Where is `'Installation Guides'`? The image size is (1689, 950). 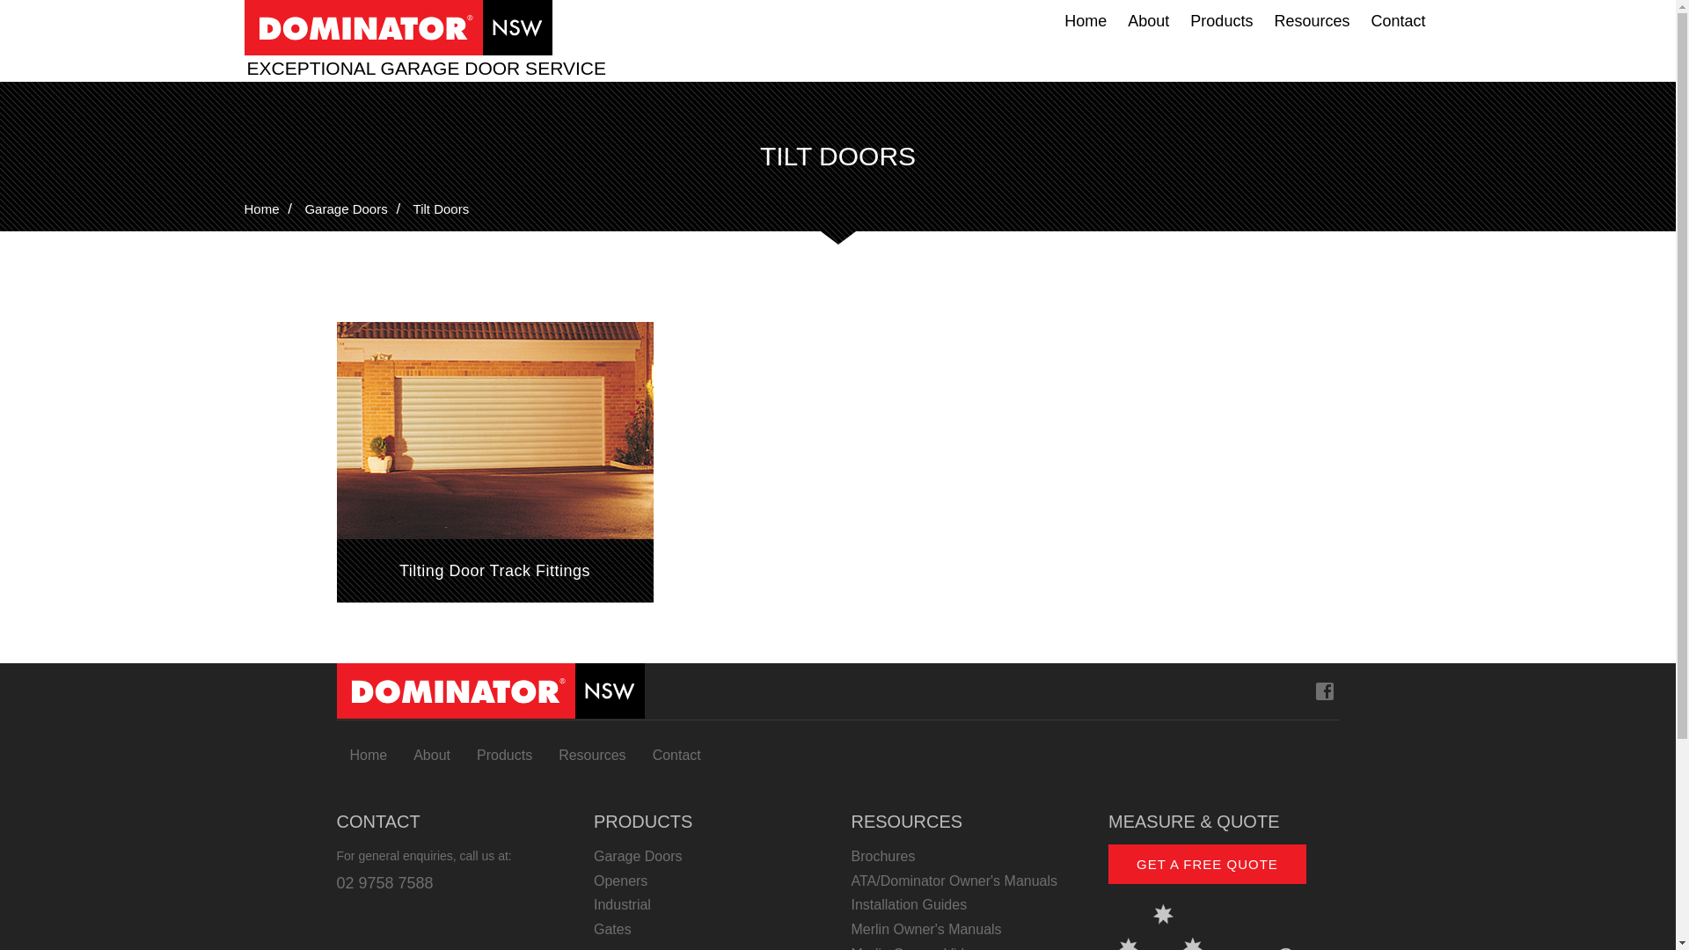 'Installation Guides' is located at coordinates (966, 905).